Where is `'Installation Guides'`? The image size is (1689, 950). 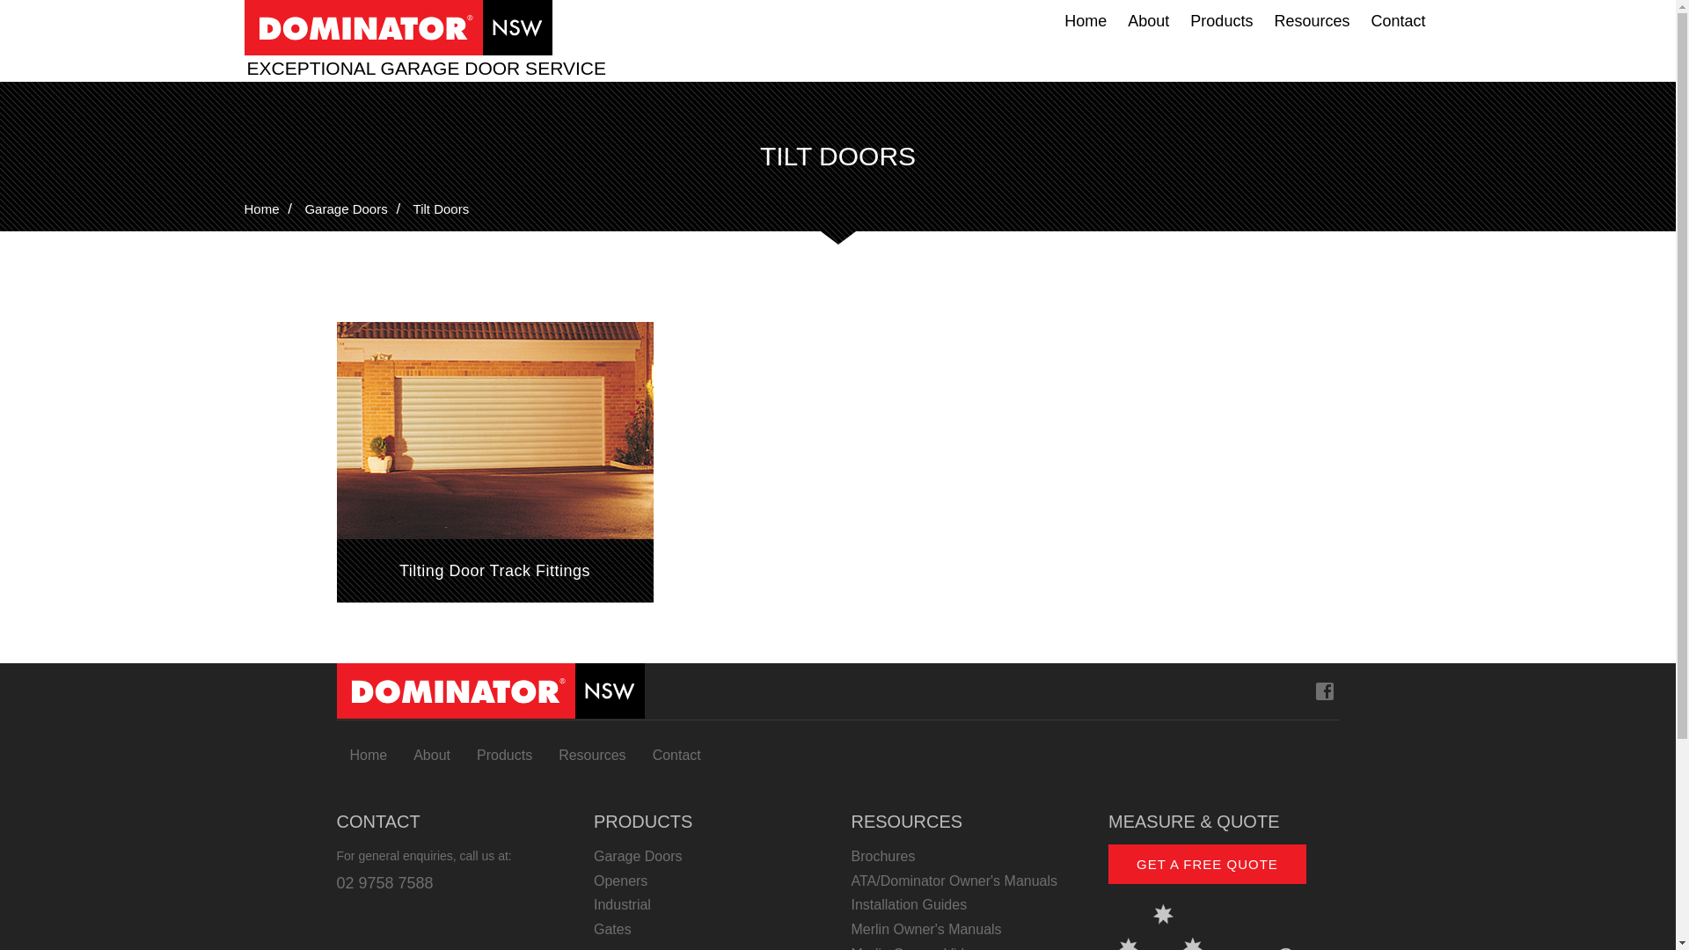 'Installation Guides' is located at coordinates (966, 905).